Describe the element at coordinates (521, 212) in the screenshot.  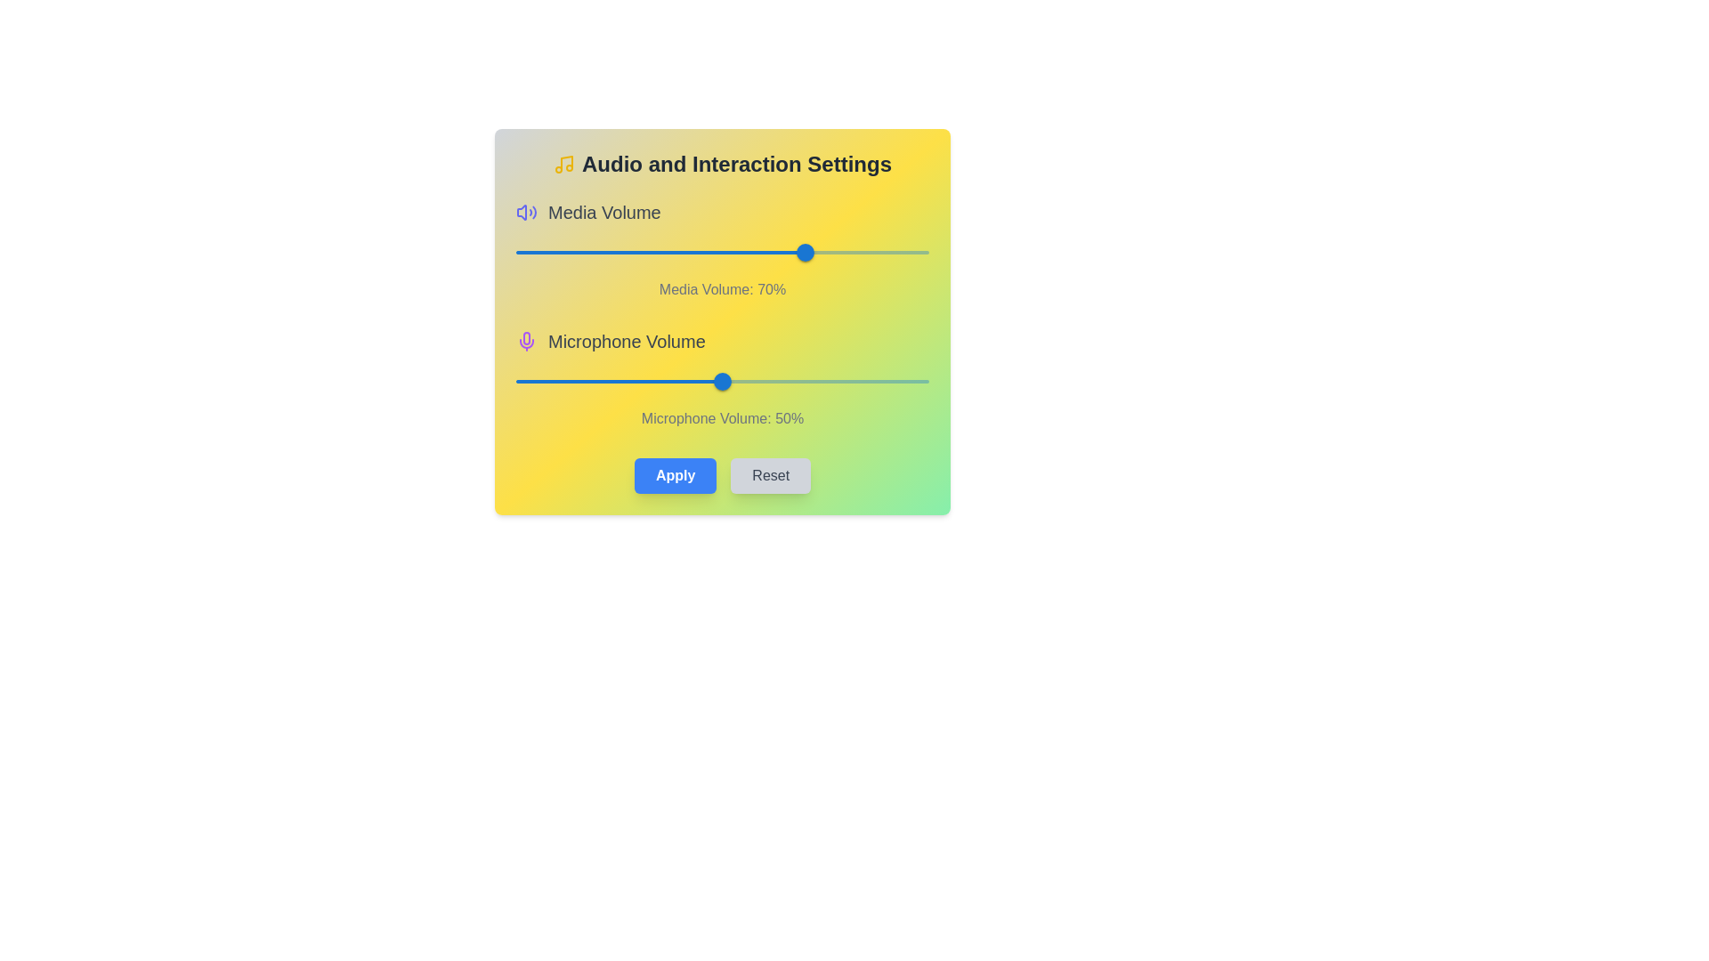
I see `the indigo speaker icon in the audio settings interface, located to the left of the 'Media Volume' label` at that location.